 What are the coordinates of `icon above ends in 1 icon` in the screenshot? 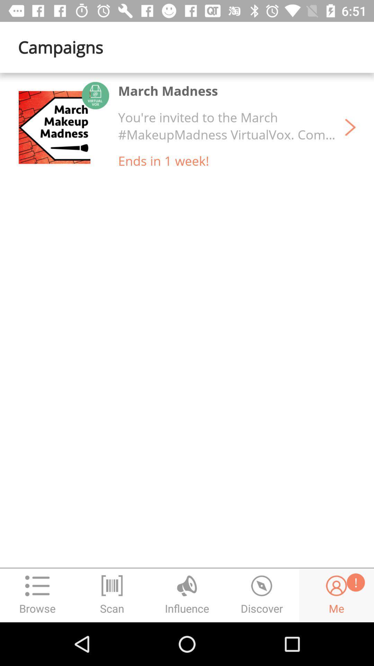 It's located at (227, 126).